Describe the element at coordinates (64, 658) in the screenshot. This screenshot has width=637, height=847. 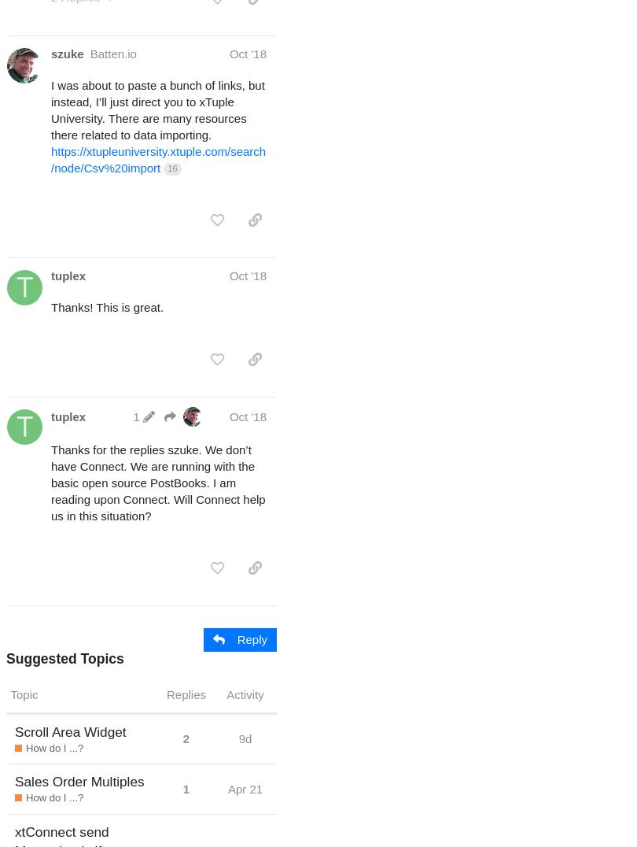
I see `'Suggested Topics'` at that location.